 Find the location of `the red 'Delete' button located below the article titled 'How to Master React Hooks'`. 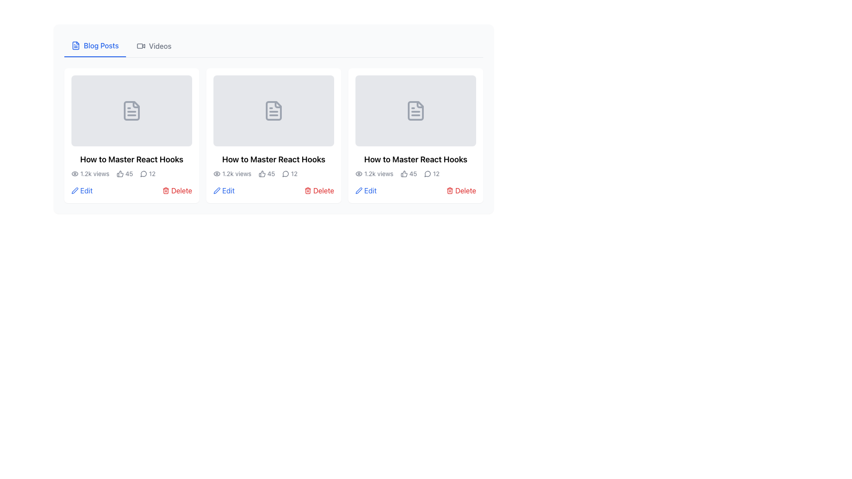

the red 'Delete' button located below the article titled 'How to Master React Hooks' is located at coordinates (319, 190).